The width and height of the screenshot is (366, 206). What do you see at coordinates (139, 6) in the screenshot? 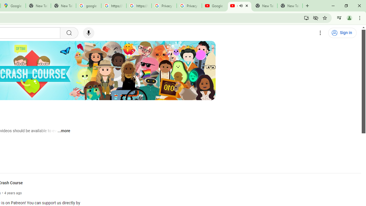
I see `'https://scholar.google.com/'` at bounding box center [139, 6].